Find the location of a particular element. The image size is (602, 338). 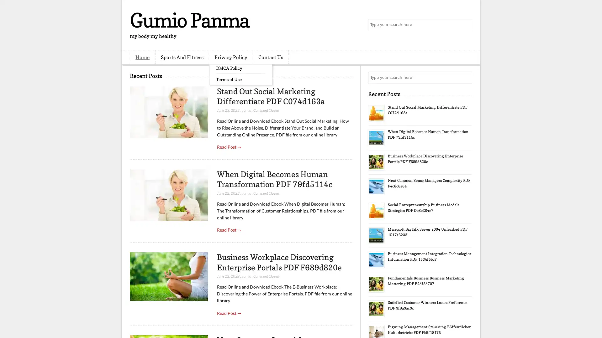

Search is located at coordinates (466, 25).